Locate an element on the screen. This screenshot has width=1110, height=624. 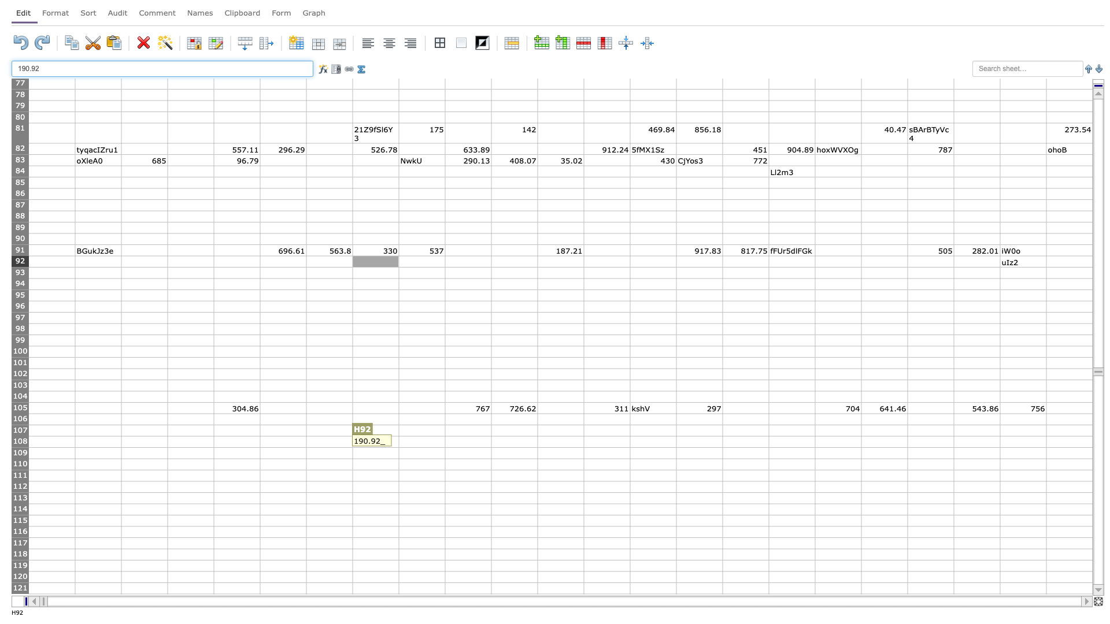
Place cursor on right border of J108 is located at coordinates (491, 441).